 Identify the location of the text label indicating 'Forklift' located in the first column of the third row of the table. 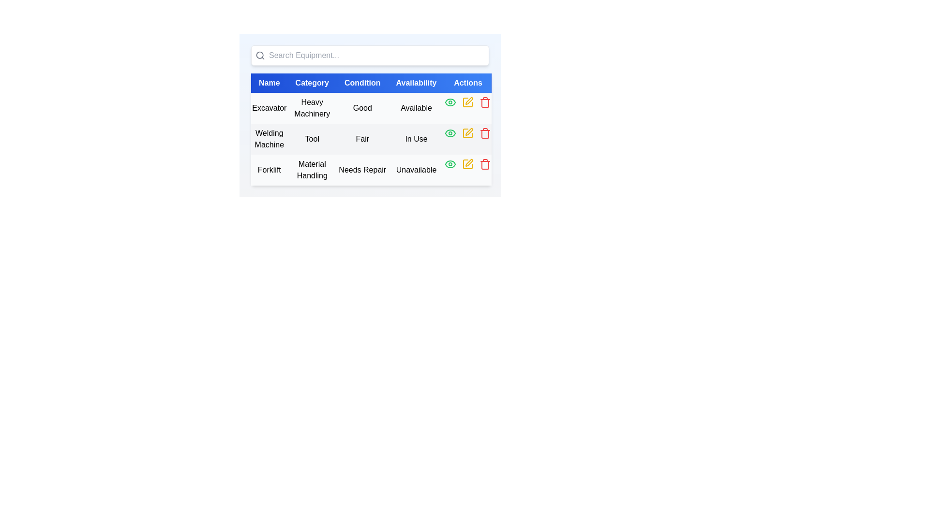
(269, 169).